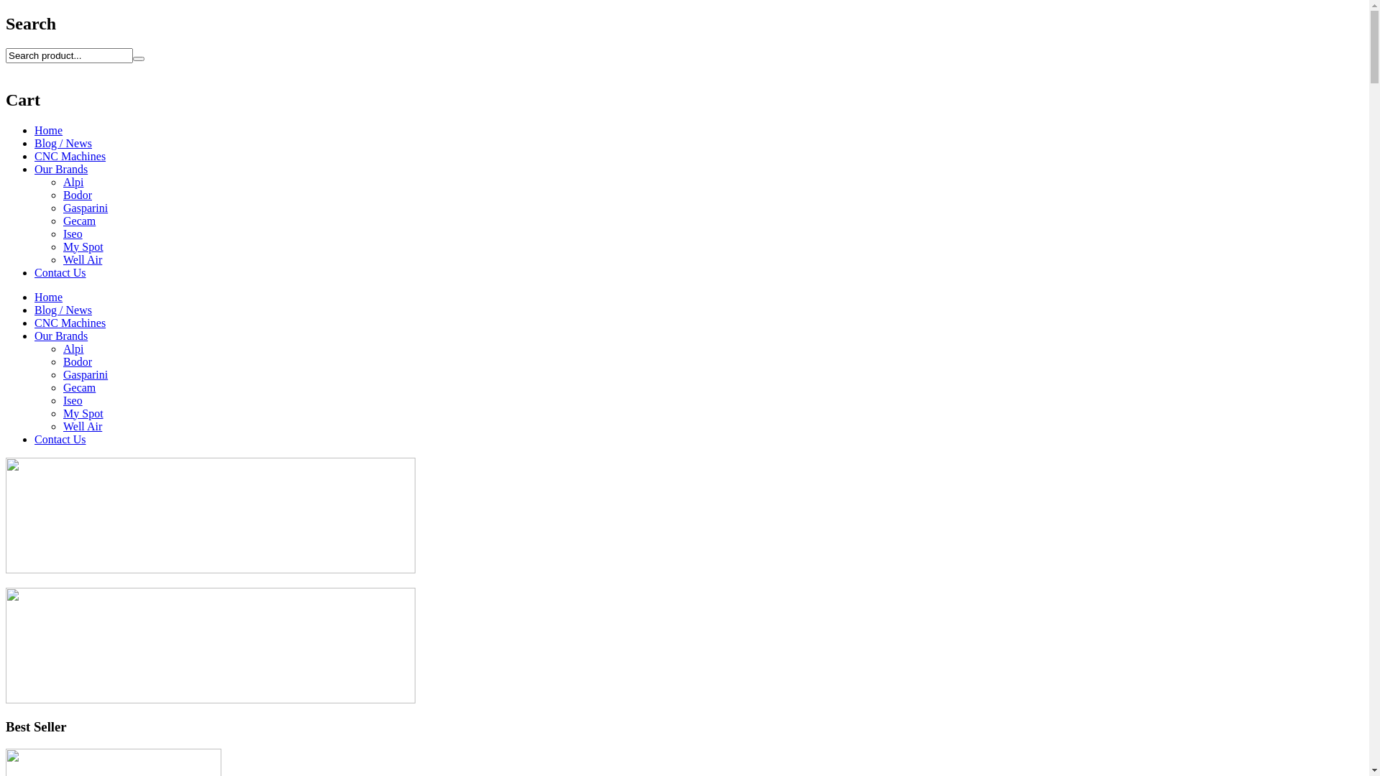 The height and width of the screenshot is (776, 1380). I want to click on 'Well Air', so click(62, 425).